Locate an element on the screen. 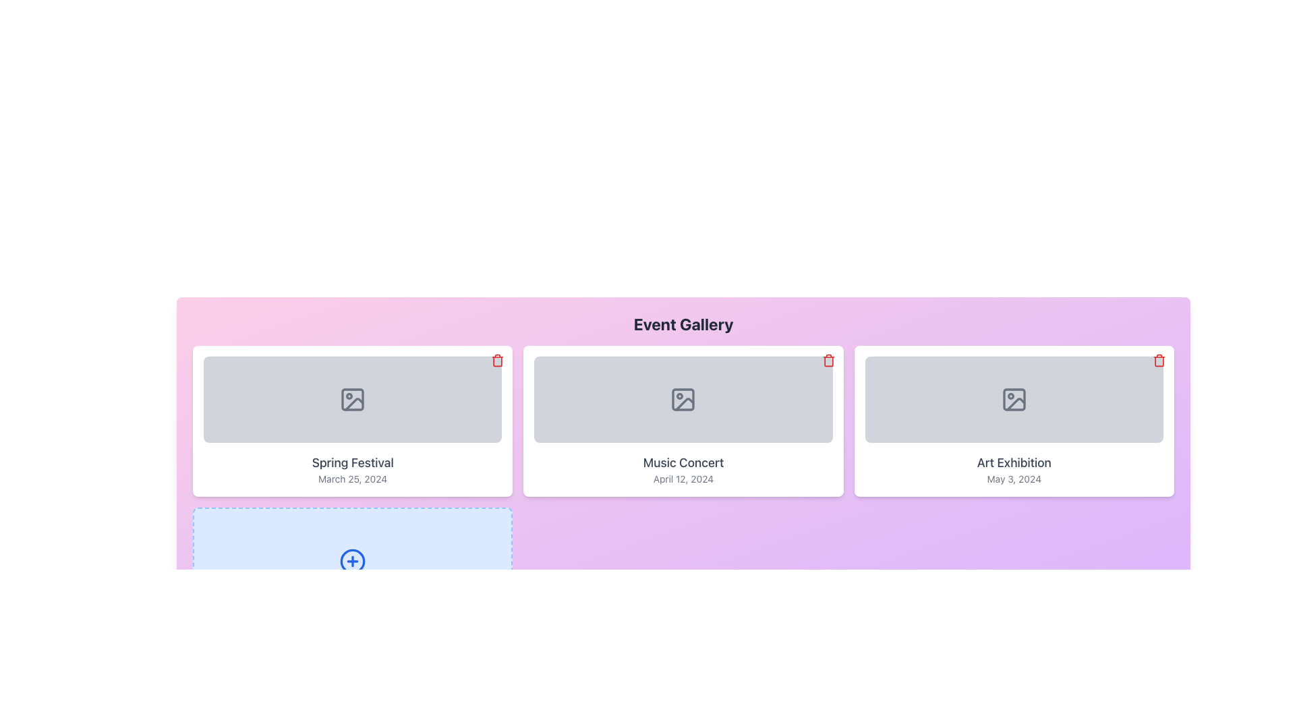 Image resolution: width=1295 pixels, height=728 pixels. the central rectangular part of the trash bin icon located in the top-right corner of the 'Music Concert, April 12, 2024' card to initiate the deletion action is located at coordinates (828, 361).